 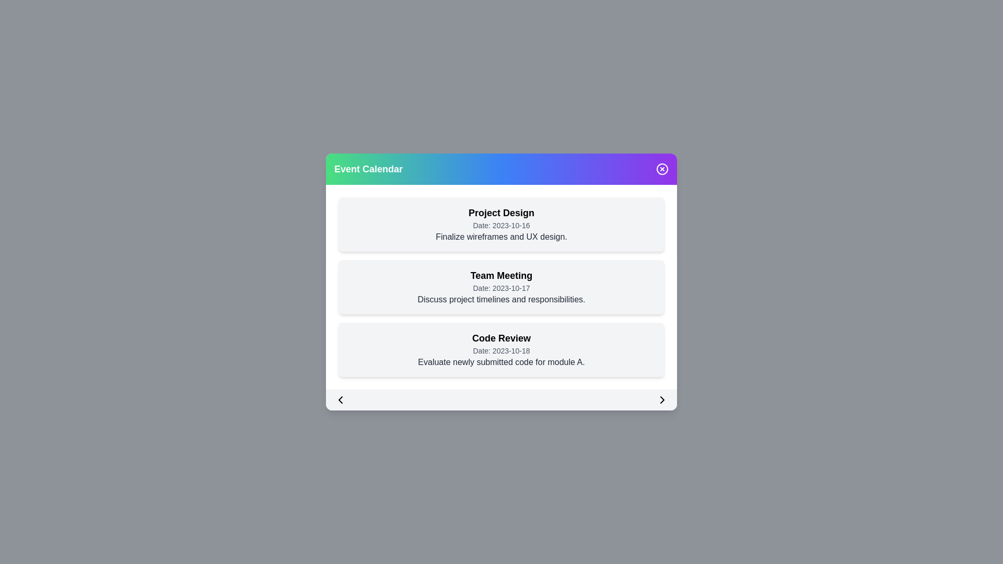 What do you see at coordinates (661, 169) in the screenshot?
I see `close button at the top-right corner of the calendar dialog` at bounding box center [661, 169].